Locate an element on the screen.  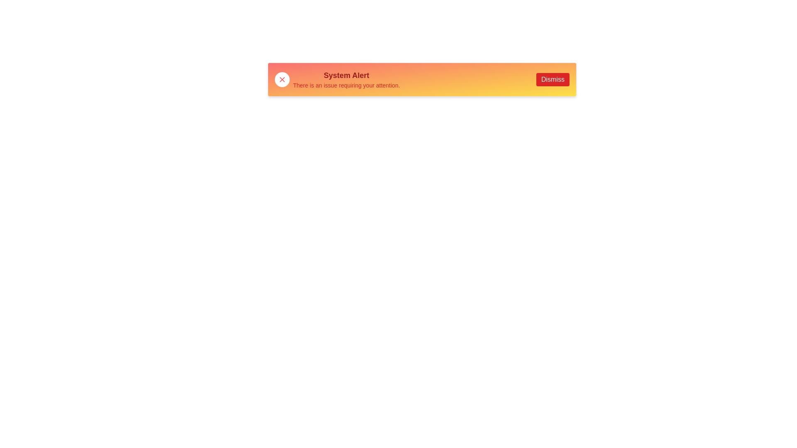
the close icon (red outlined 'X' within a white circular area) on the left side of the orange gradient alert box is located at coordinates (282, 80).